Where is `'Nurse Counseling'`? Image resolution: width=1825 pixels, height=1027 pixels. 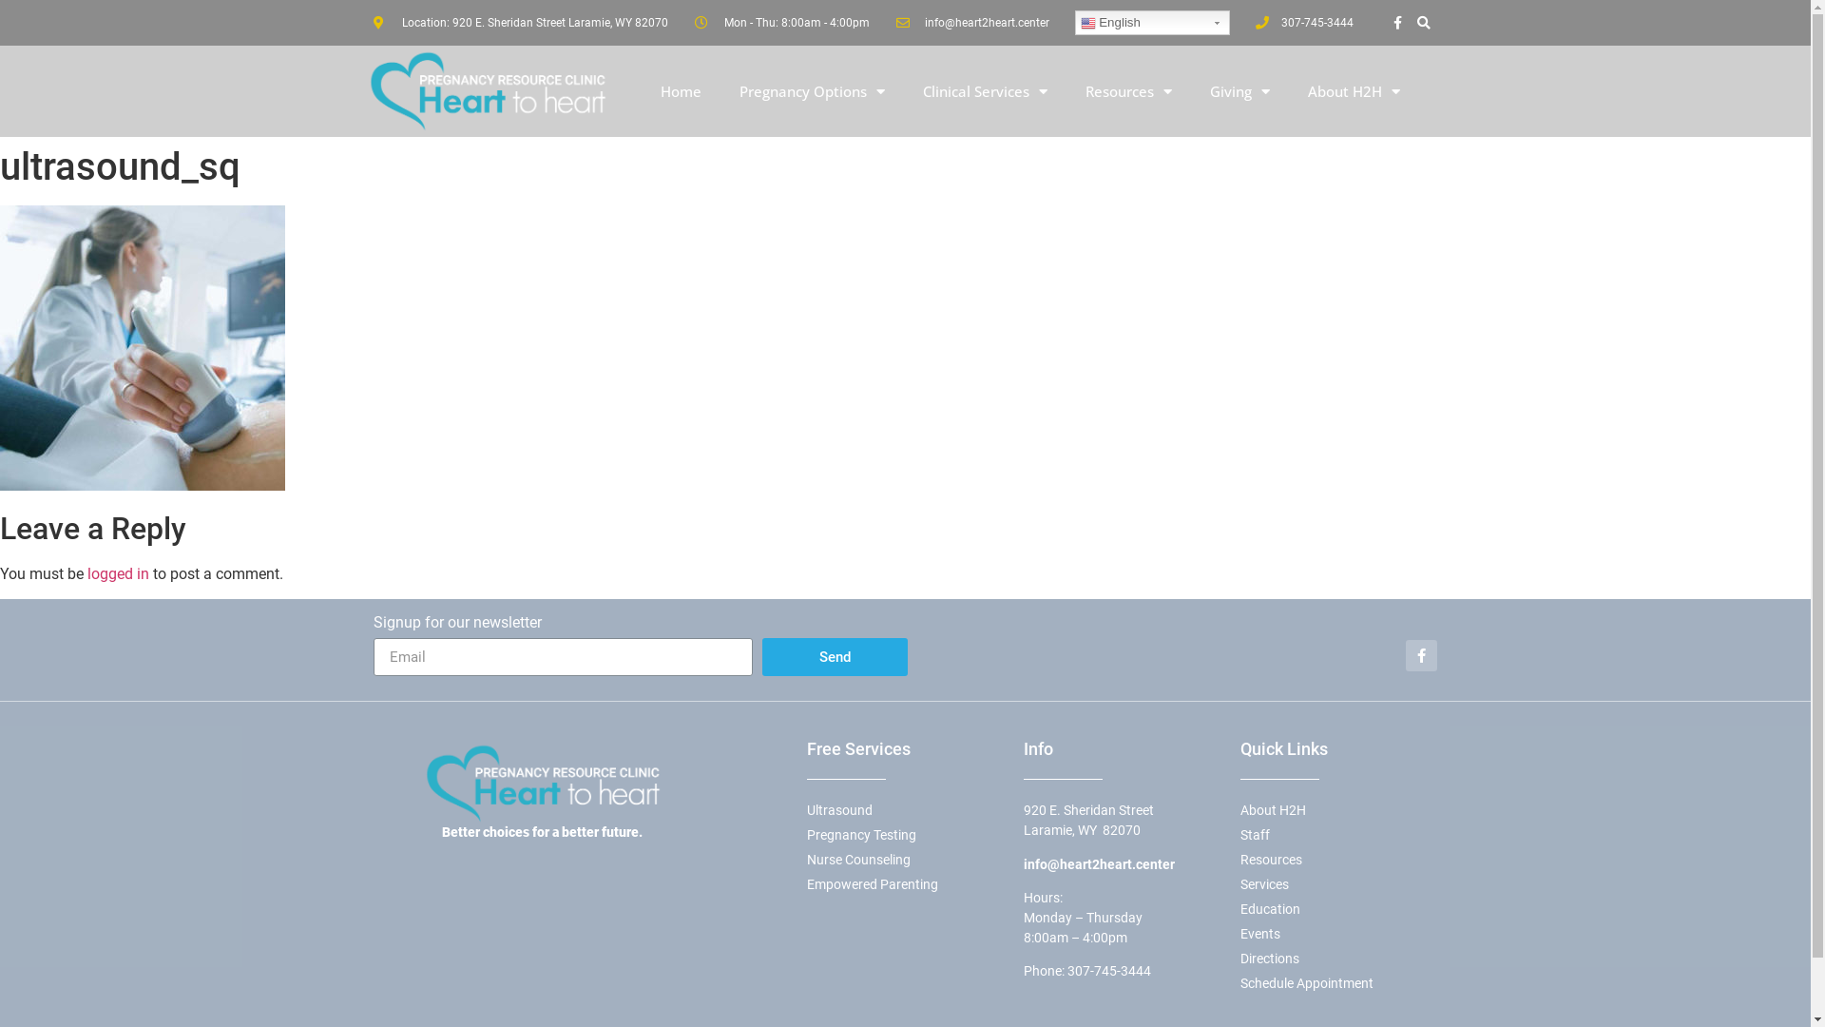
'Nurse Counseling' is located at coordinates (903, 860).